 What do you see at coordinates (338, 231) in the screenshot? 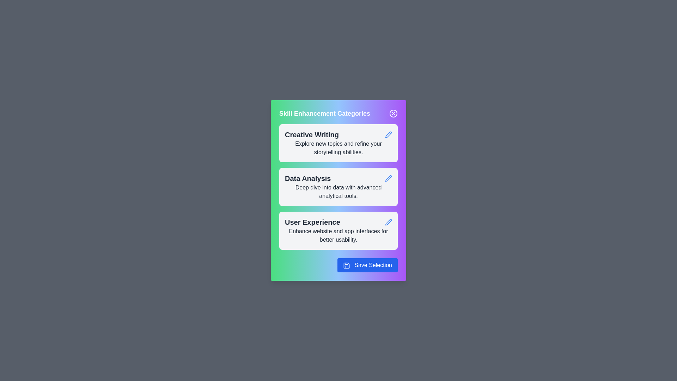
I see `the User Experience card to highlight it` at bounding box center [338, 231].